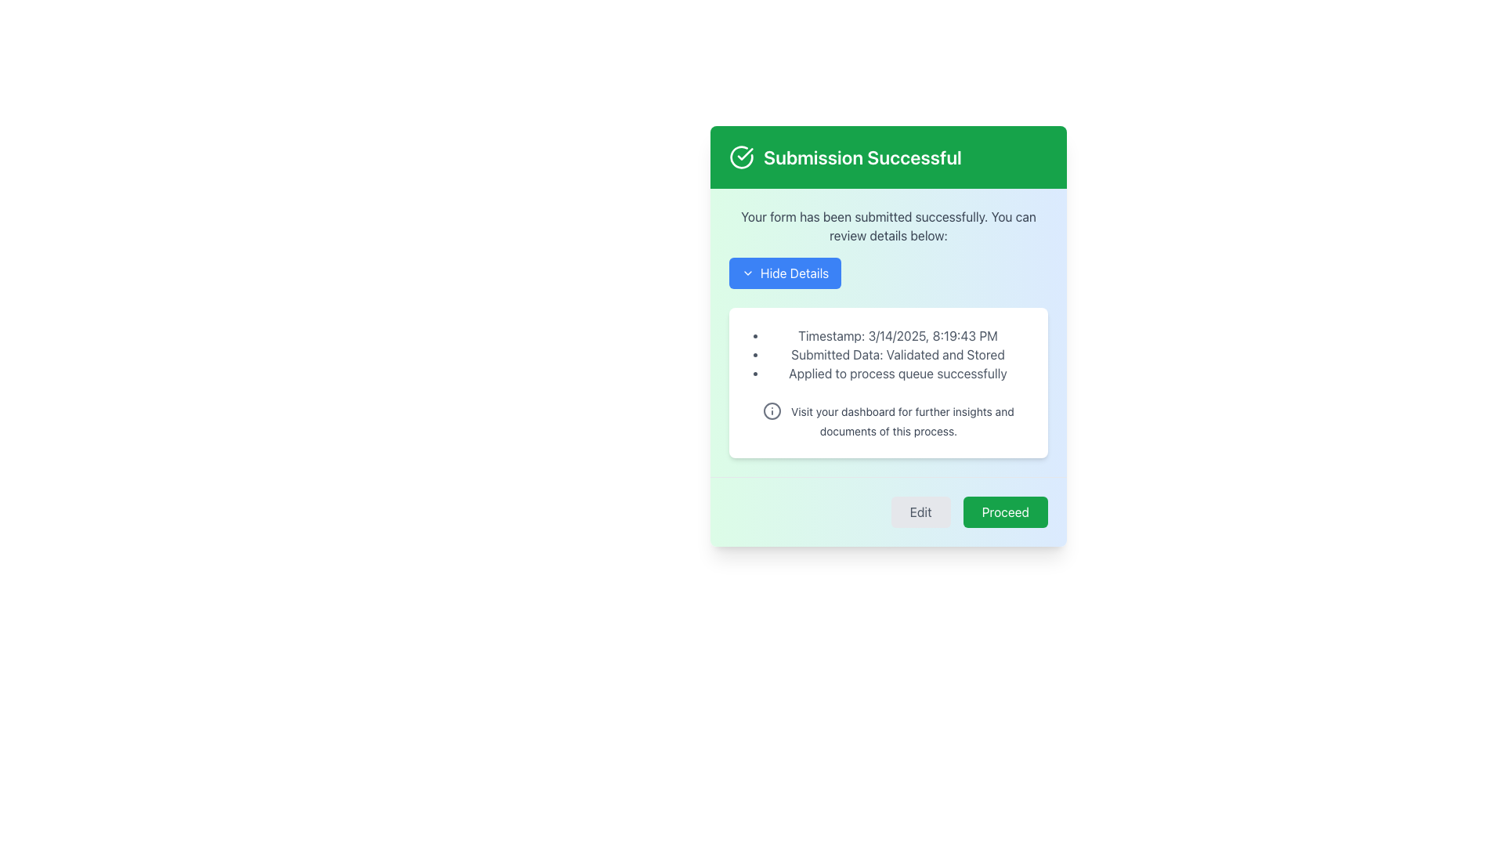 The image size is (1504, 846). What do you see at coordinates (744, 154) in the screenshot?
I see `the green check mark icon within the success notification modal, located at the top-left corner next to the 'Submission Successful' title` at bounding box center [744, 154].